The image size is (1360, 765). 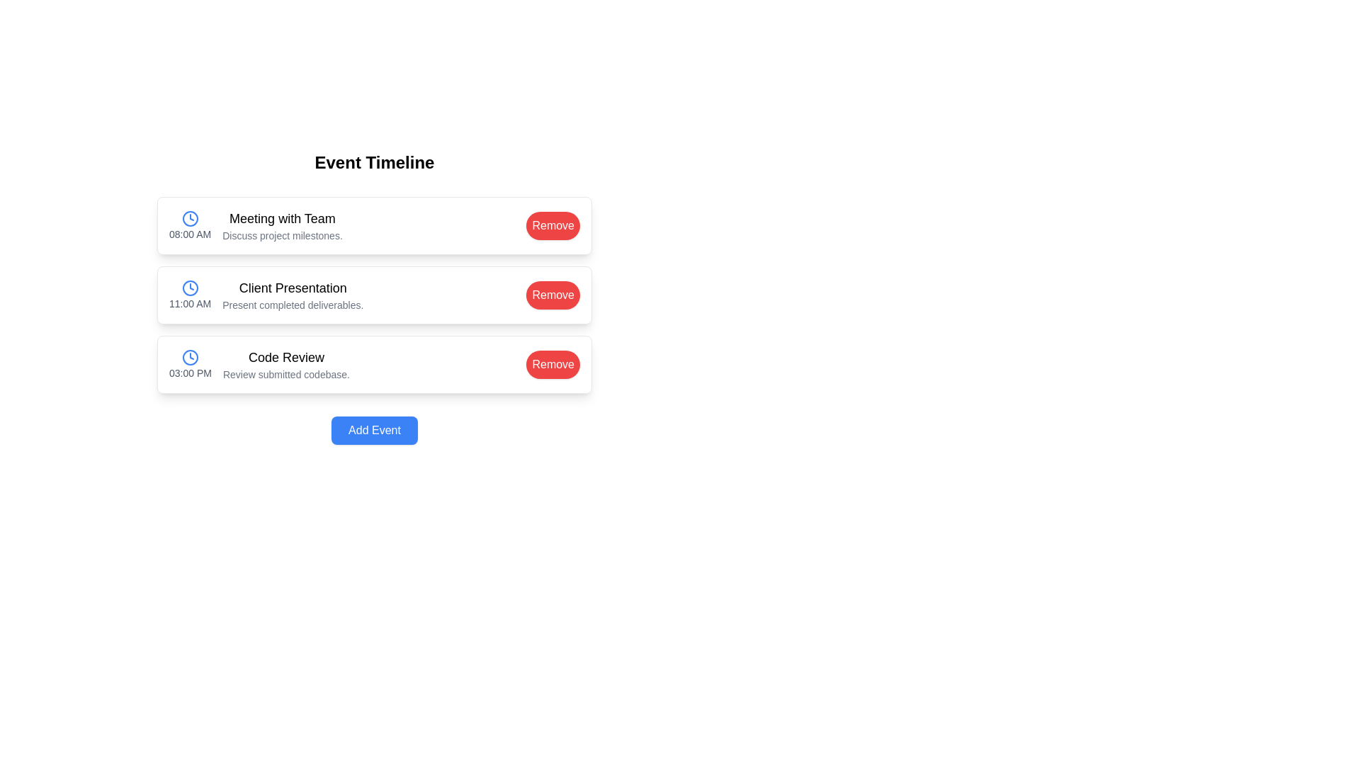 What do you see at coordinates (189, 294) in the screenshot?
I see `the Time display element, which consists of a blue clock icon above the text '11:00 AM' in small gray font, positioned in the second row of the event list, to the left of the 'Client Presentation' event` at bounding box center [189, 294].